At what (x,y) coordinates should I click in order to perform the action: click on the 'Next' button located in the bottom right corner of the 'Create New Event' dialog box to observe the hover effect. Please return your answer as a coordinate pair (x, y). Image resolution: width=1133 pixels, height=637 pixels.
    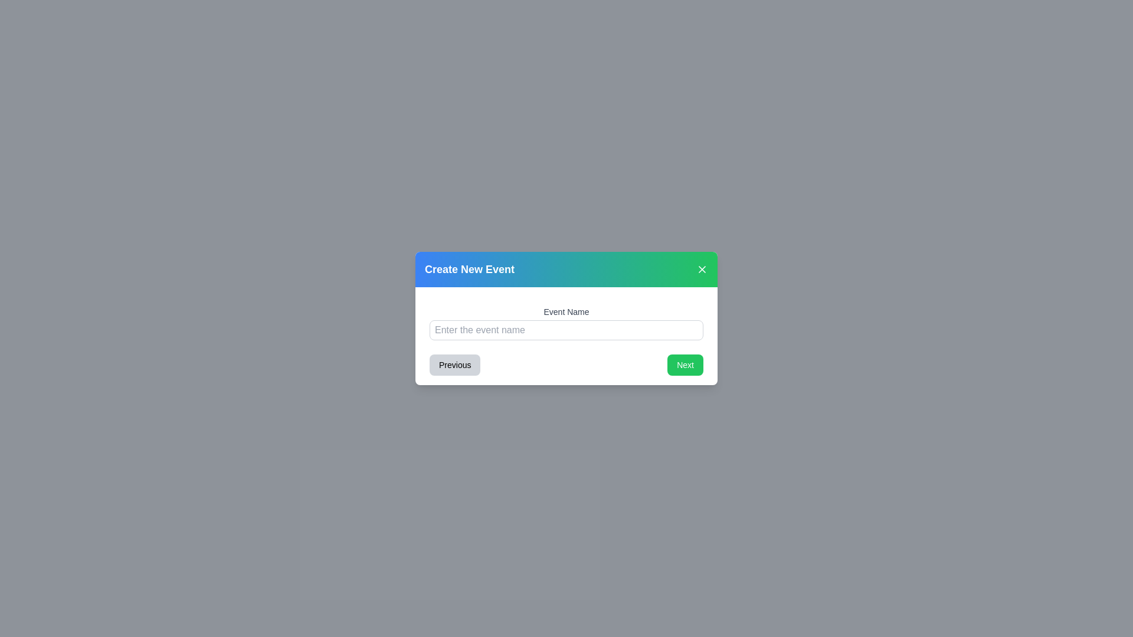
    Looking at the image, I should click on (685, 364).